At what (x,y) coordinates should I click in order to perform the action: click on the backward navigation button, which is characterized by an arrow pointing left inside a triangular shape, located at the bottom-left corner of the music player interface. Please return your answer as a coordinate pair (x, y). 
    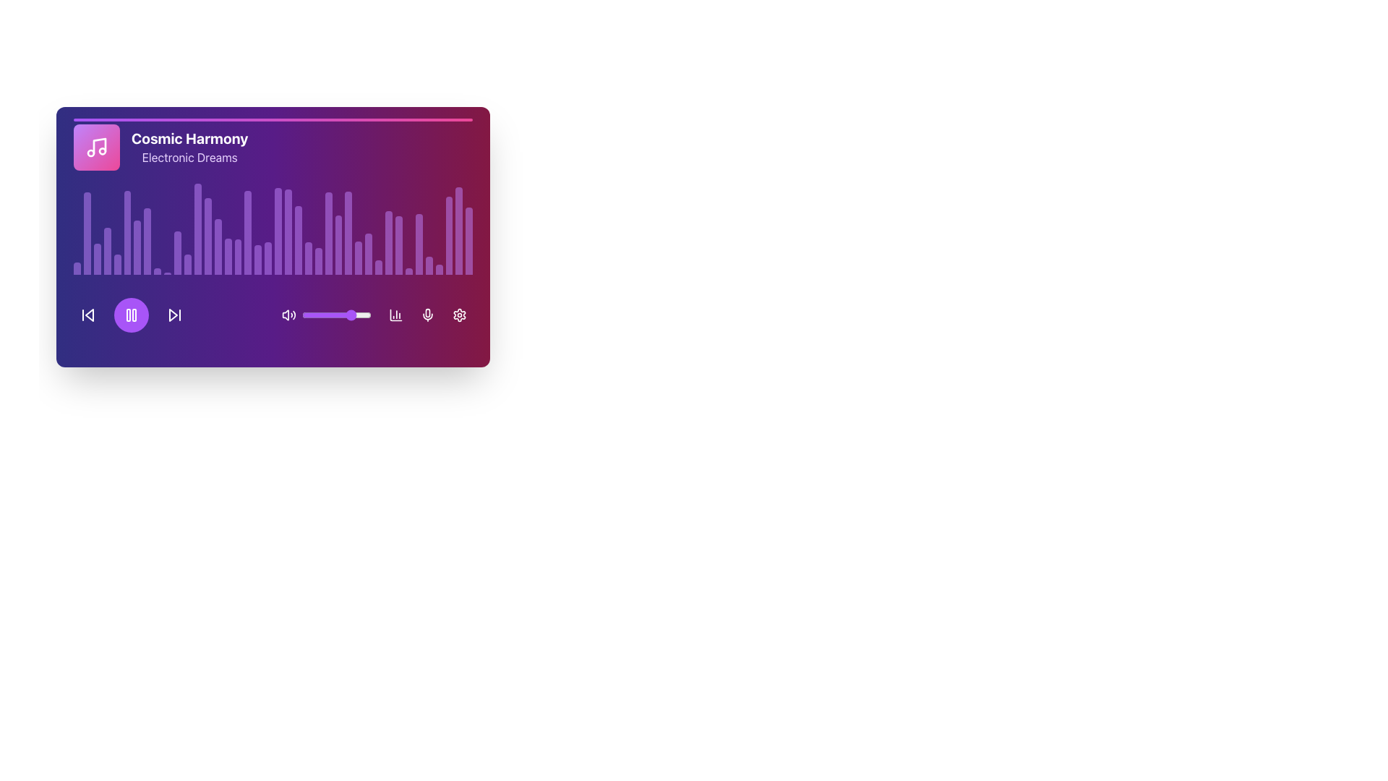
    Looking at the image, I should click on (87, 314).